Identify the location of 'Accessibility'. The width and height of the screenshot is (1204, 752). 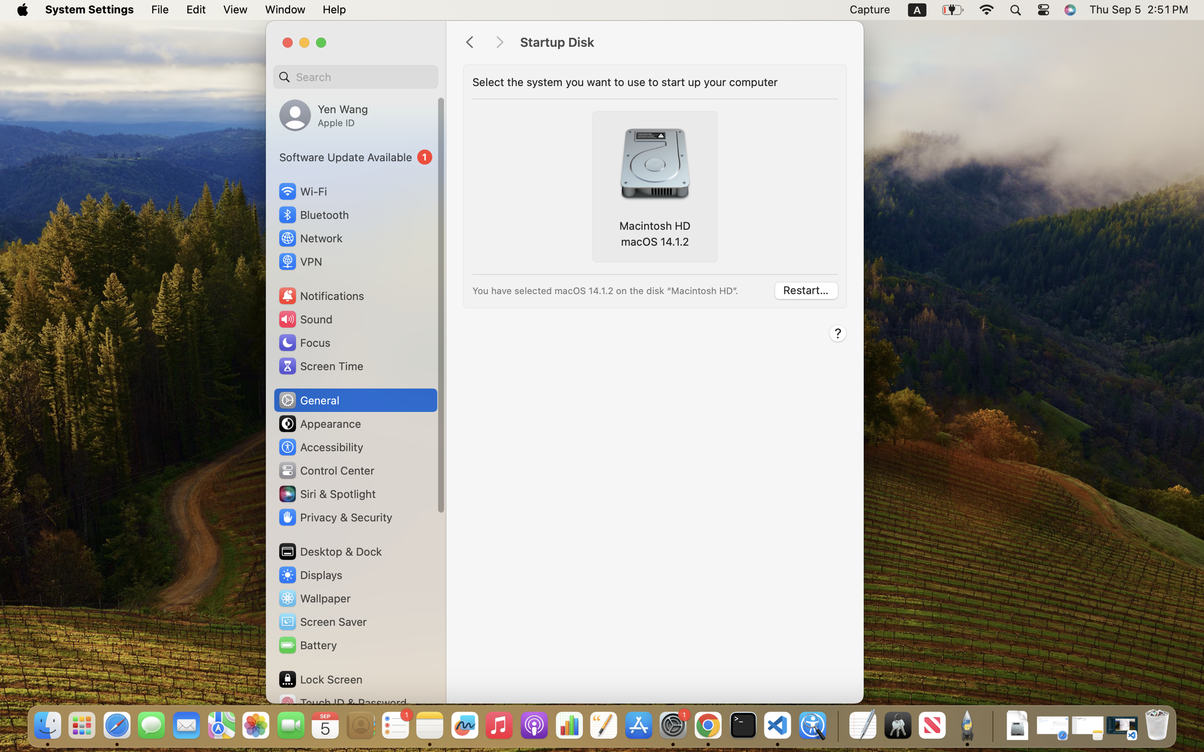
(320, 446).